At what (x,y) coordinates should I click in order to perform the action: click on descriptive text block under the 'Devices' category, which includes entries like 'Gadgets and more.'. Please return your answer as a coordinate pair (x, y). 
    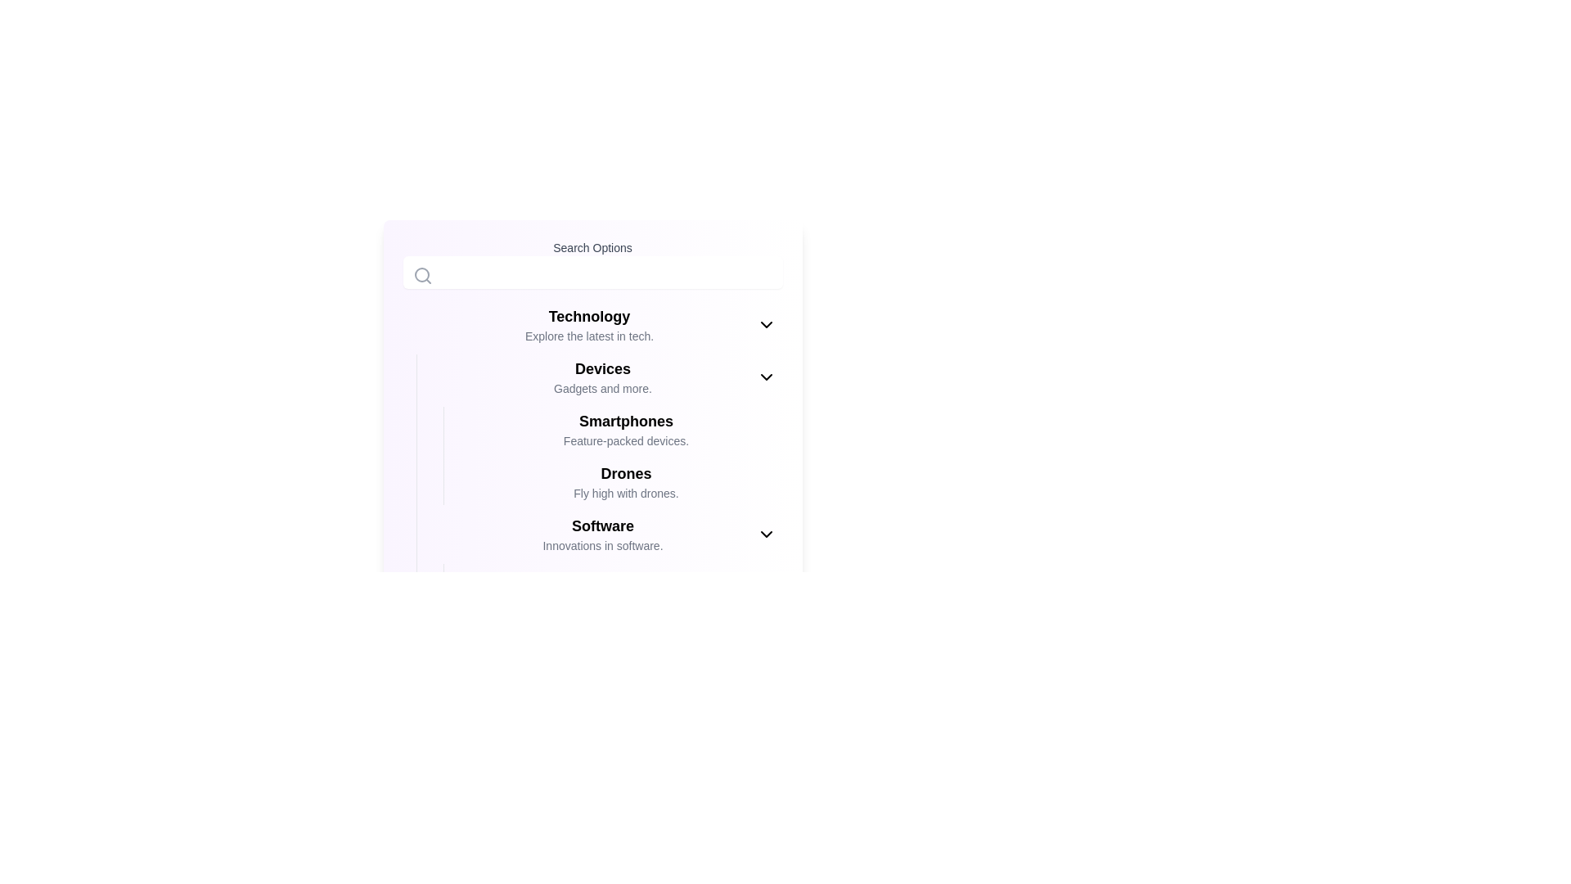
    Looking at the image, I should click on (592, 386).